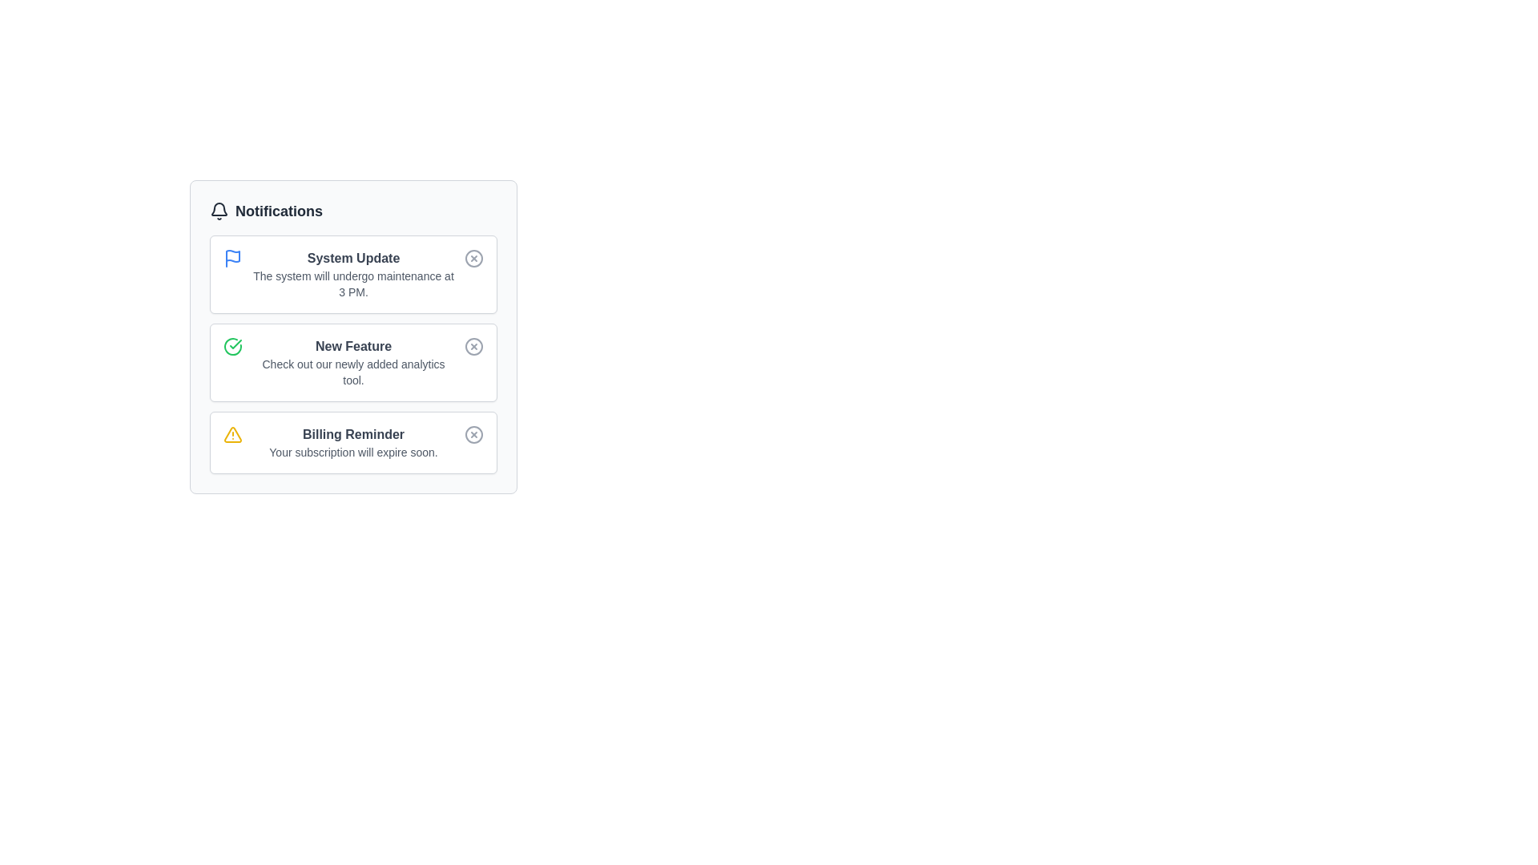  Describe the element at coordinates (473, 435) in the screenshot. I see `the circular icon within the 'Billing Reminder' notification card, which indicates an action related to dismissing or closing the notification` at that location.